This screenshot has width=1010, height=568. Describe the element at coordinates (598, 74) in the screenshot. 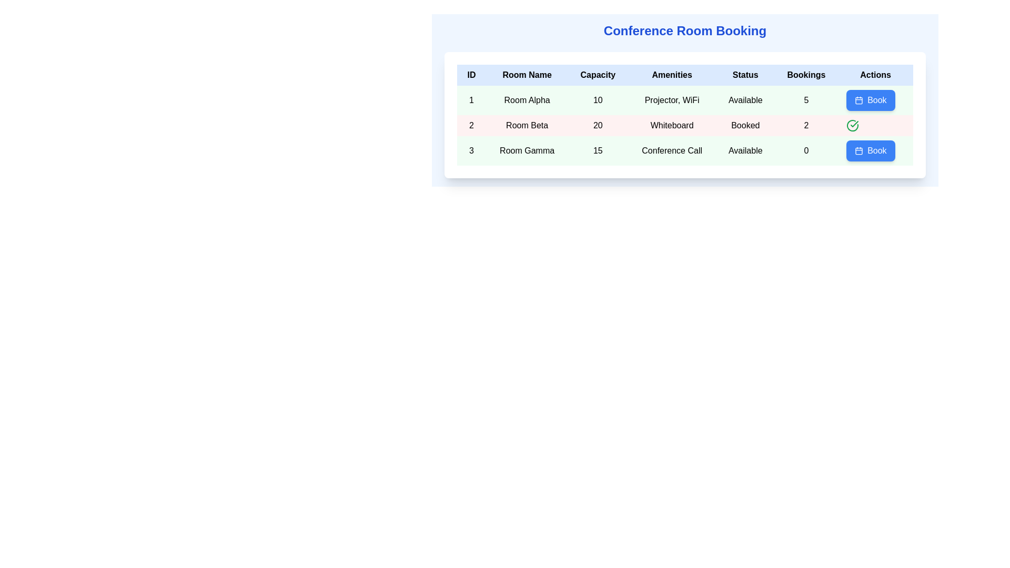

I see `the 'Capacity' column header in the table, which is the third header after 'ID' and 'Room Name'` at that location.